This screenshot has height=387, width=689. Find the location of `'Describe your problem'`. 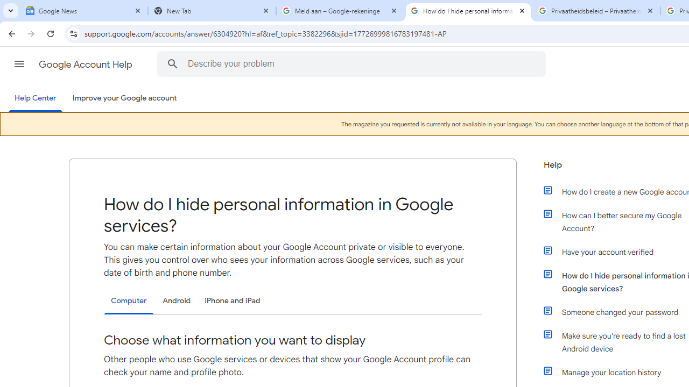

'Describe your problem' is located at coordinates (353, 63).